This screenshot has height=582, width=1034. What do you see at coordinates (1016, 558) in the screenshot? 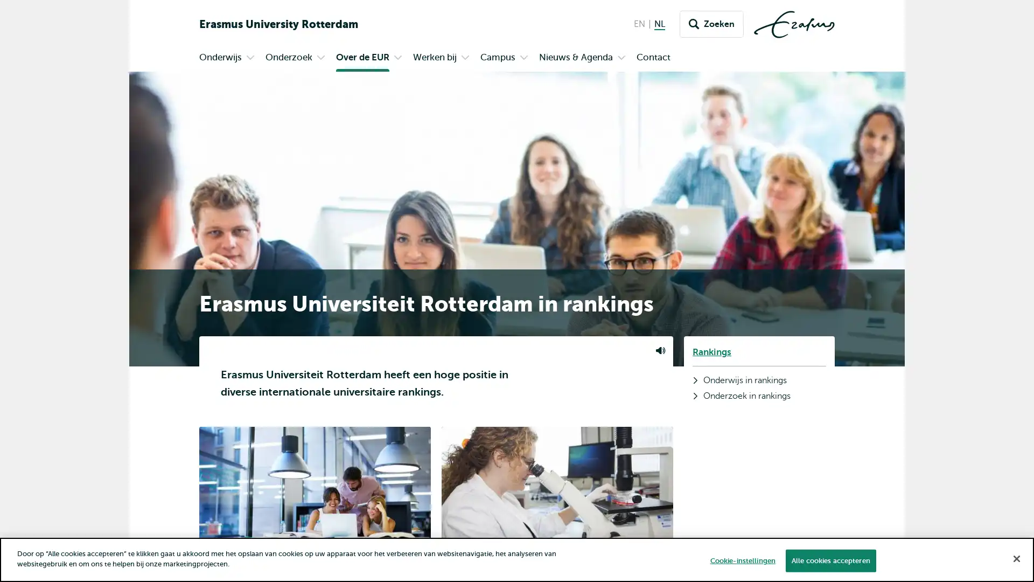
I see `Sluiten` at bounding box center [1016, 558].